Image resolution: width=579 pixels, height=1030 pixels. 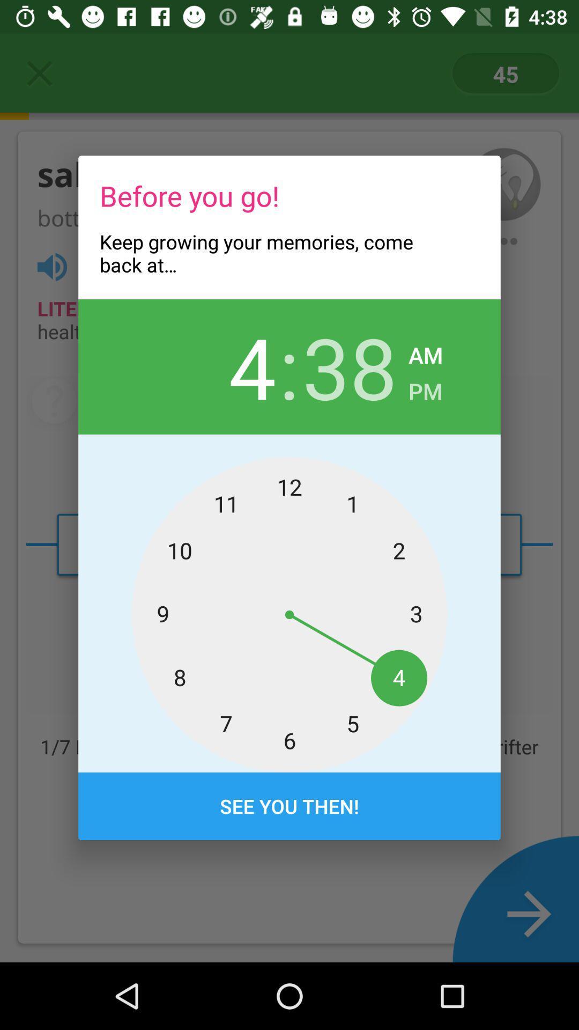 I want to click on the item to the right of the 38 icon, so click(x=425, y=352).